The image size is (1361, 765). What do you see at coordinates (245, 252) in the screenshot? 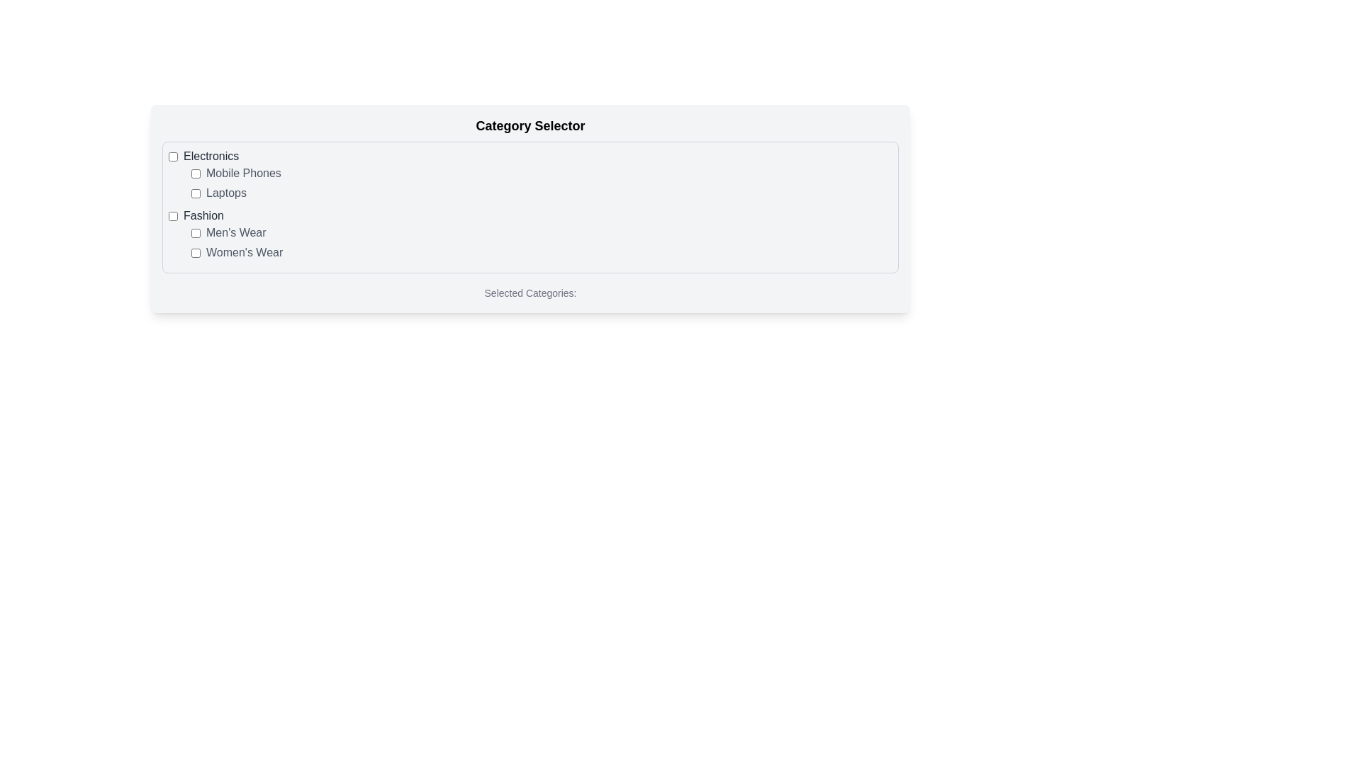
I see `the 'Women's Wear' label located inside the 'Fashion' category to associate it with its adjacent checkbox` at bounding box center [245, 252].